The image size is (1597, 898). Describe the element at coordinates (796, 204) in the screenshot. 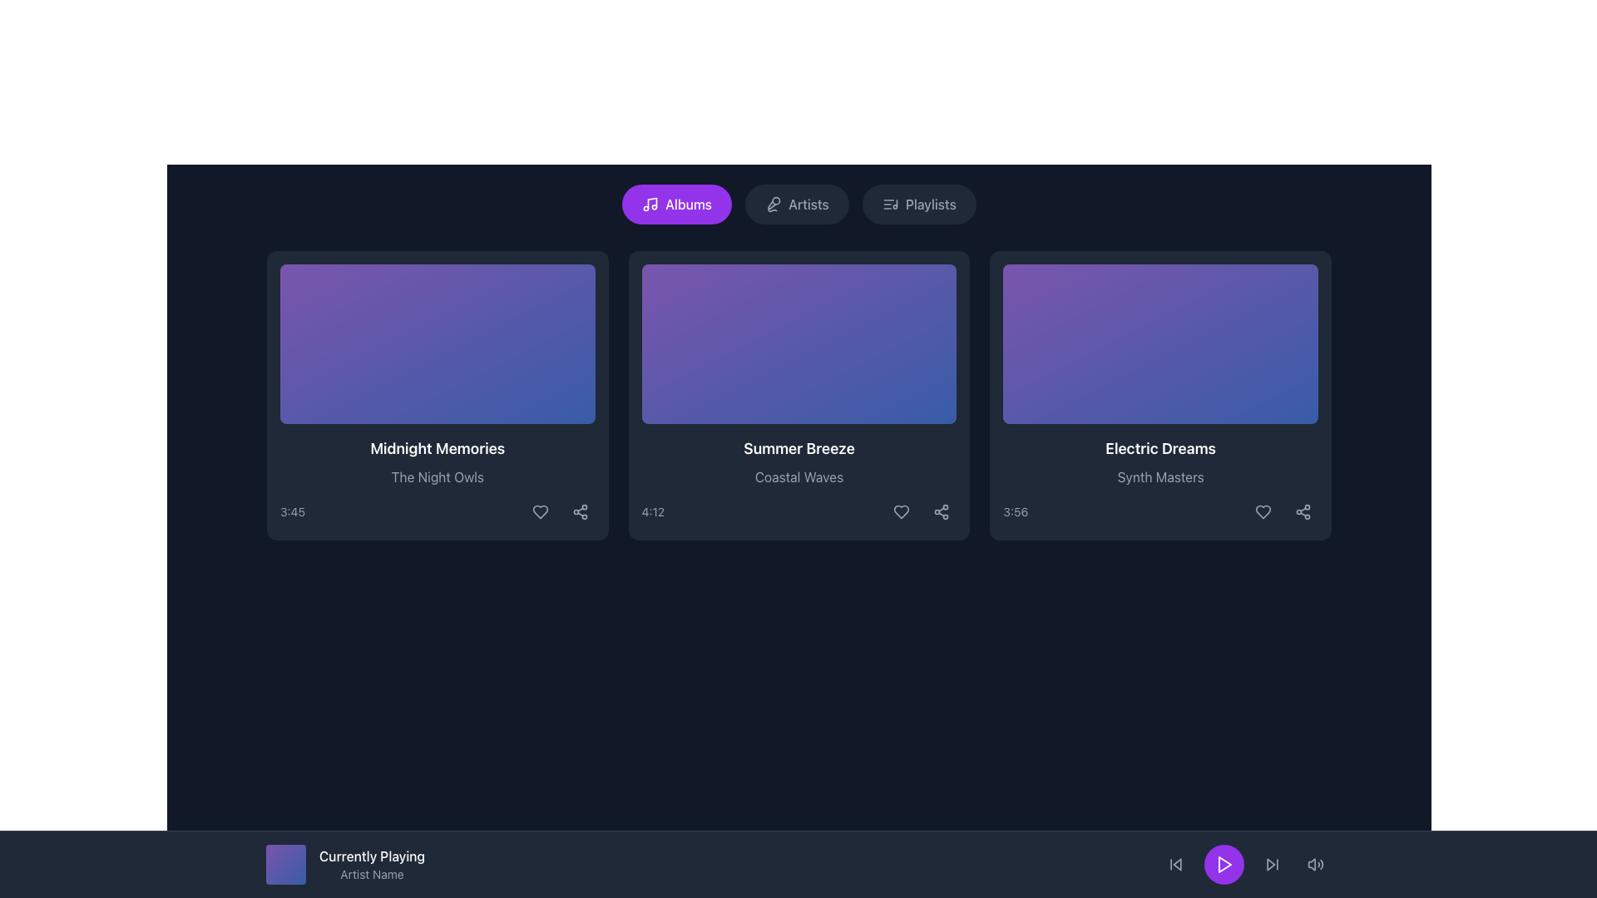

I see `the 'Artists' button, which is a rounded rectangular gray button with a microphone icon, located centrally near the top of the interface between 'Albums' and 'Playlists'` at that location.